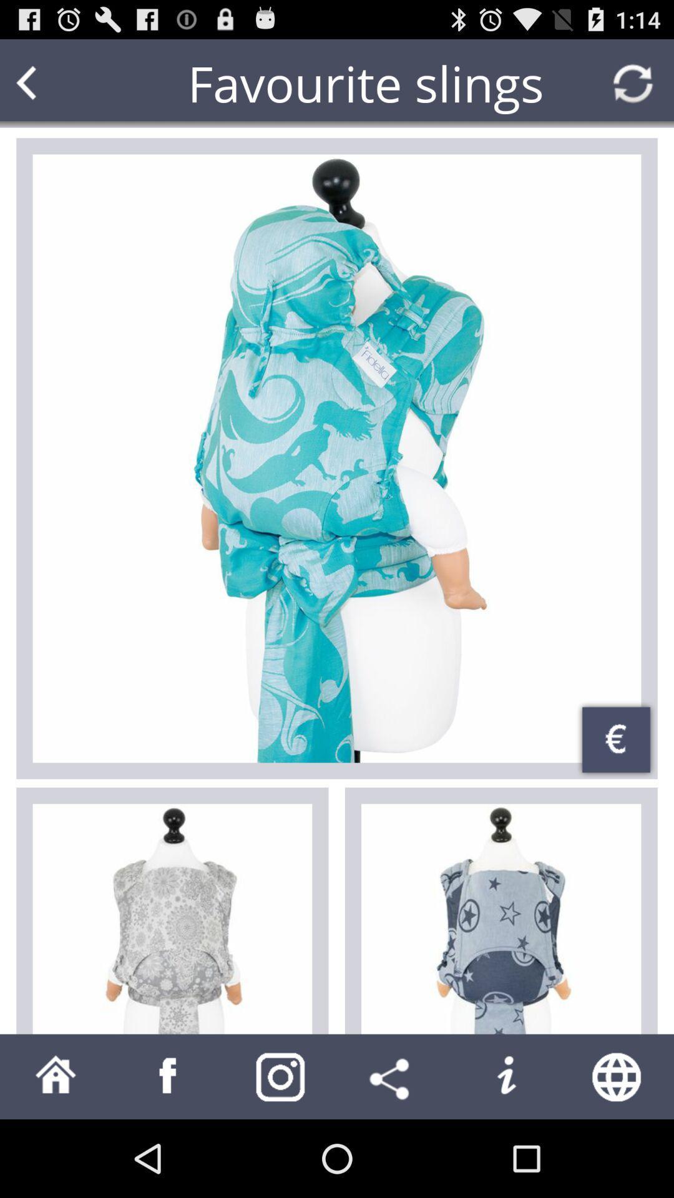 This screenshot has height=1198, width=674. I want to click on share button, so click(392, 1076).